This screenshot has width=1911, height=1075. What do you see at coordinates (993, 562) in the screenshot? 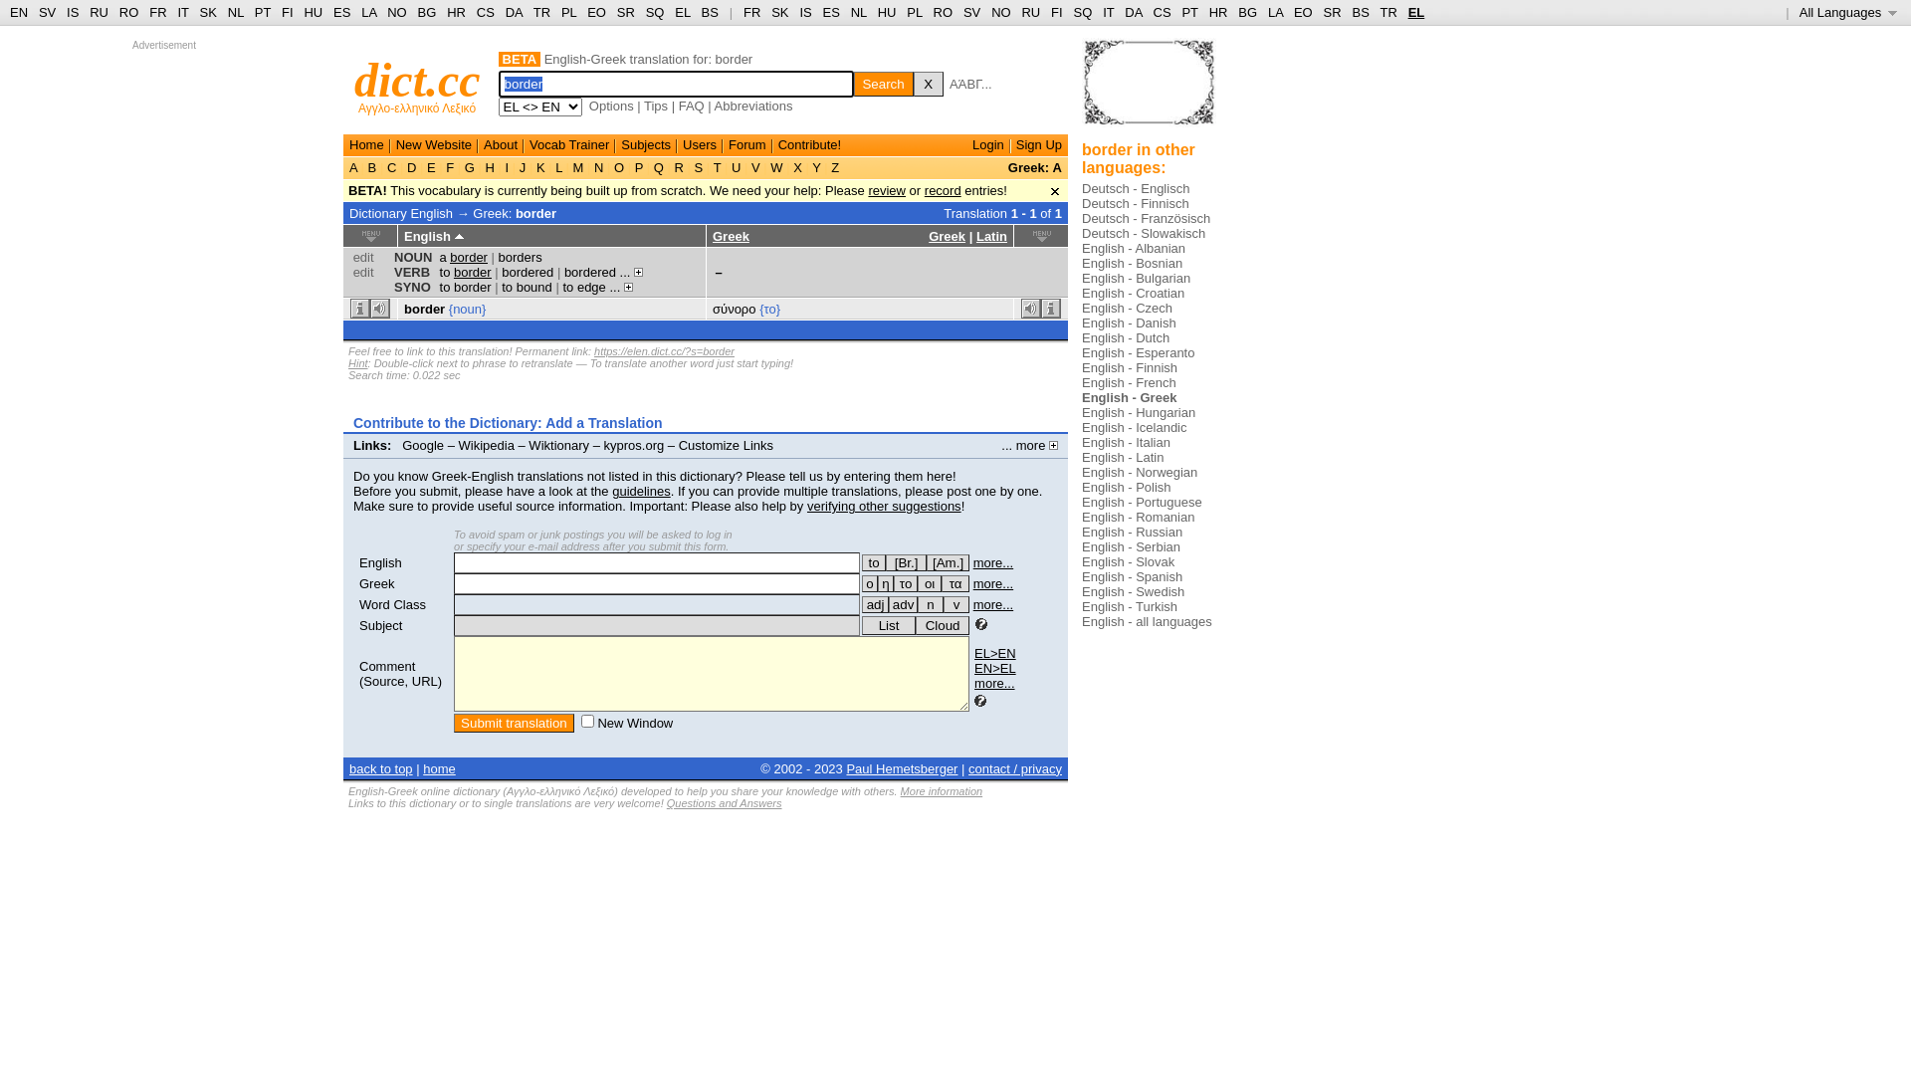
I see `'more...'` at bounding box center [993, 562].